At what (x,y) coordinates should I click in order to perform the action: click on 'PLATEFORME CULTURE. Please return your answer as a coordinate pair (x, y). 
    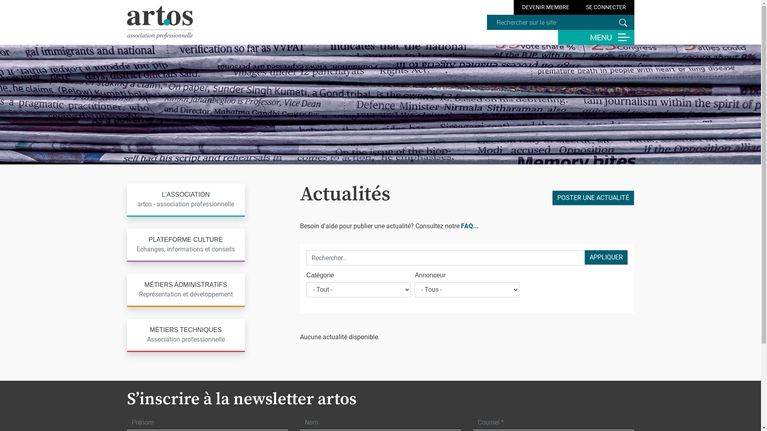
    Looking at the image, I should click on (185, 245).